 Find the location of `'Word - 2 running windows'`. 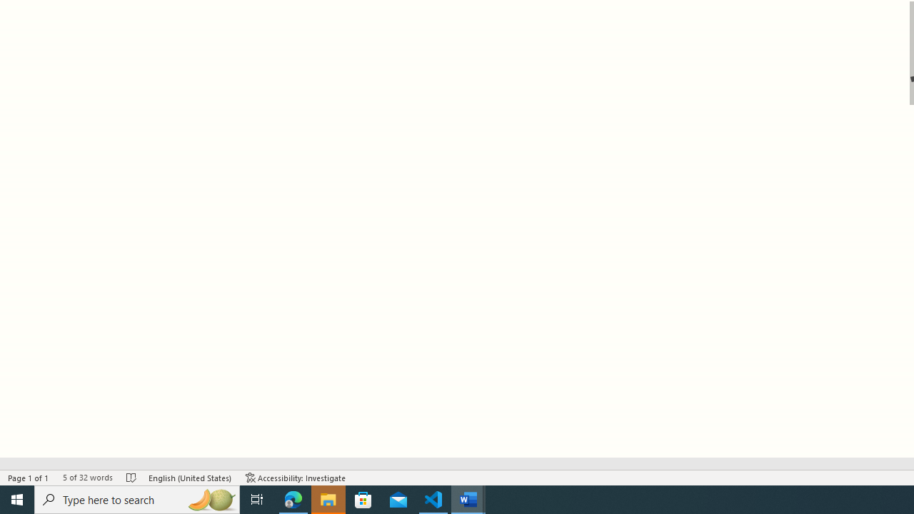

'Word - 2 running windows' is located at coordinates (468, 498).